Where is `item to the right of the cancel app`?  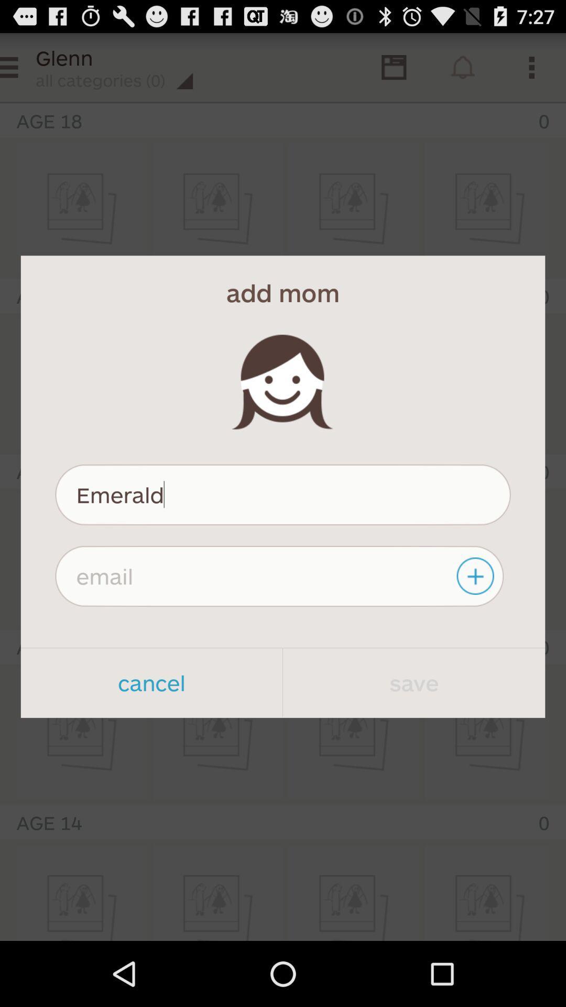 item to the right of the cancel app is located at coordinates (413, 682).